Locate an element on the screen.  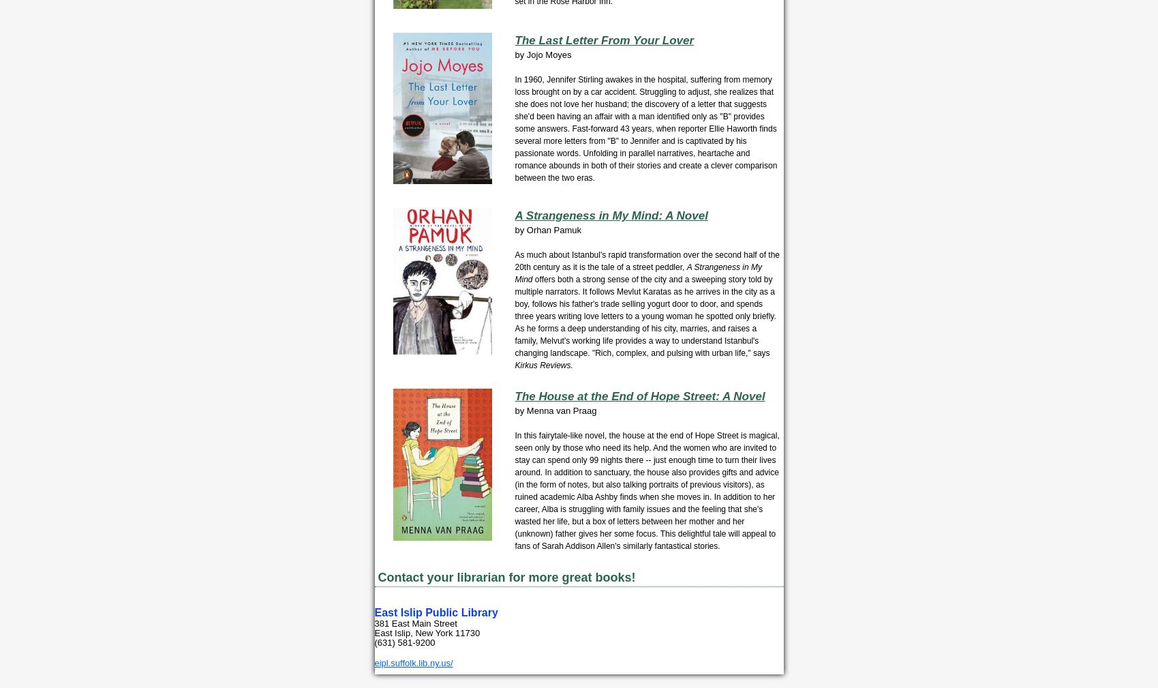
'A Strangeness in My Mind' is located at coordinates (637, 272).